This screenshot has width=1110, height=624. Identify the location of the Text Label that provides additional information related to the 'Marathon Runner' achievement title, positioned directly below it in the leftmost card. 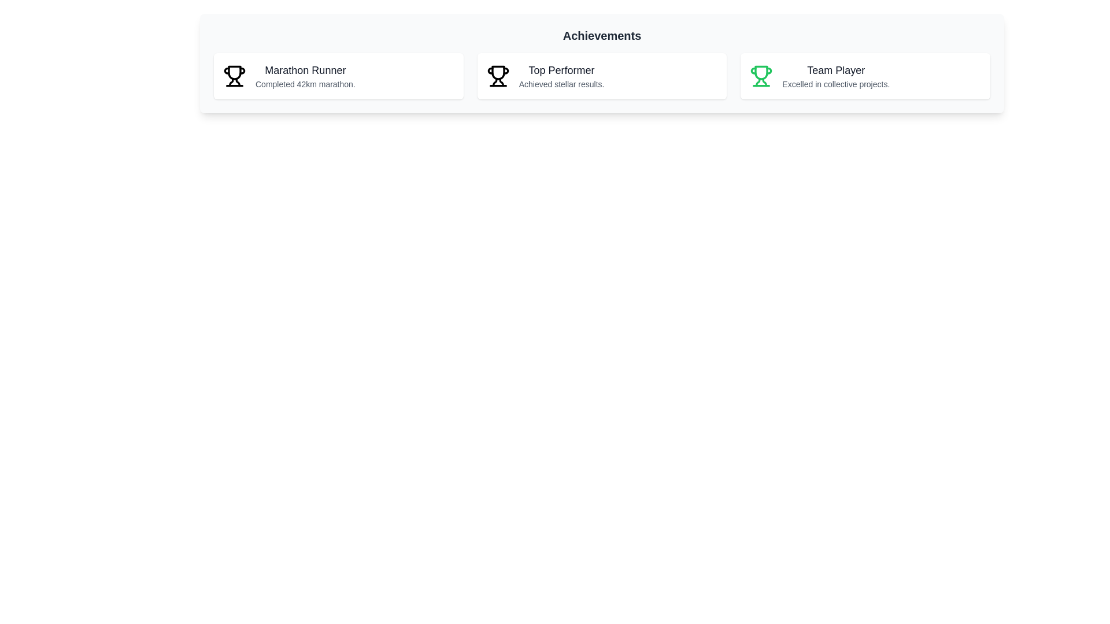
(305, 84).